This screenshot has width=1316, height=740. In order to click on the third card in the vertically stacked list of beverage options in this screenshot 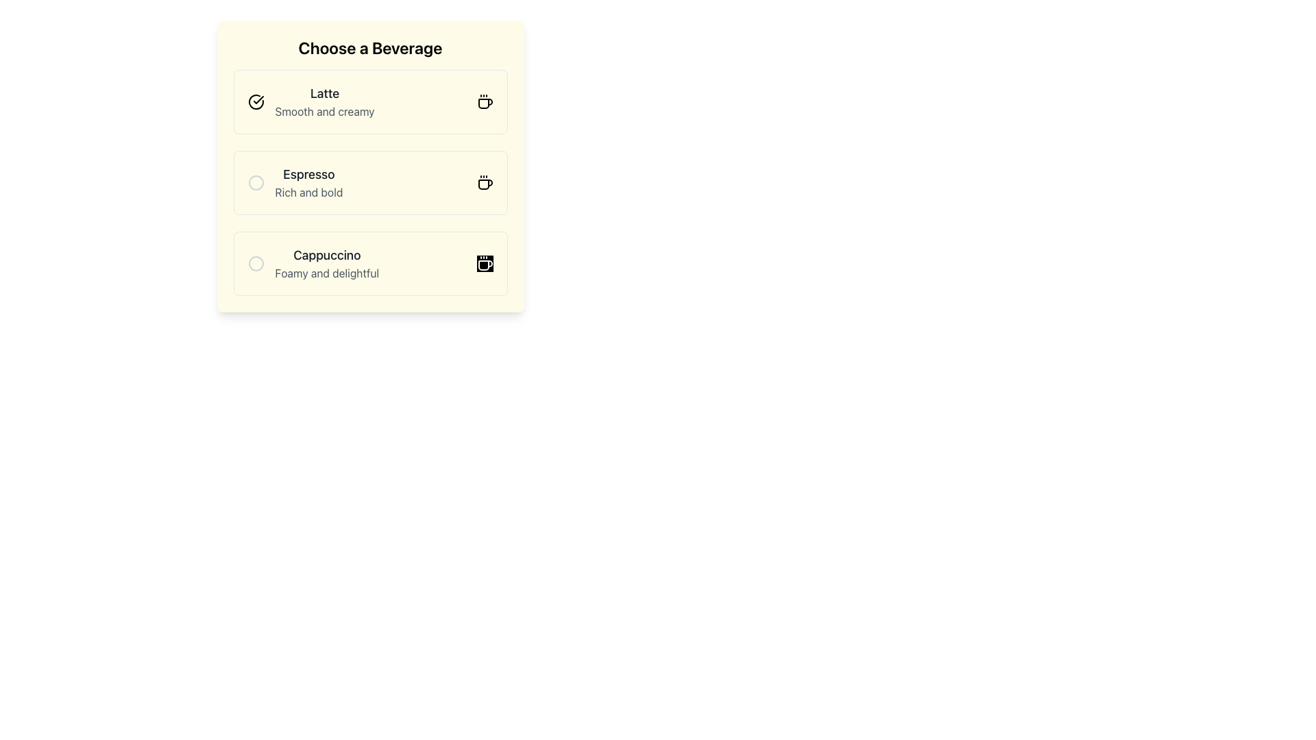, I will do `click(326, 264)`.